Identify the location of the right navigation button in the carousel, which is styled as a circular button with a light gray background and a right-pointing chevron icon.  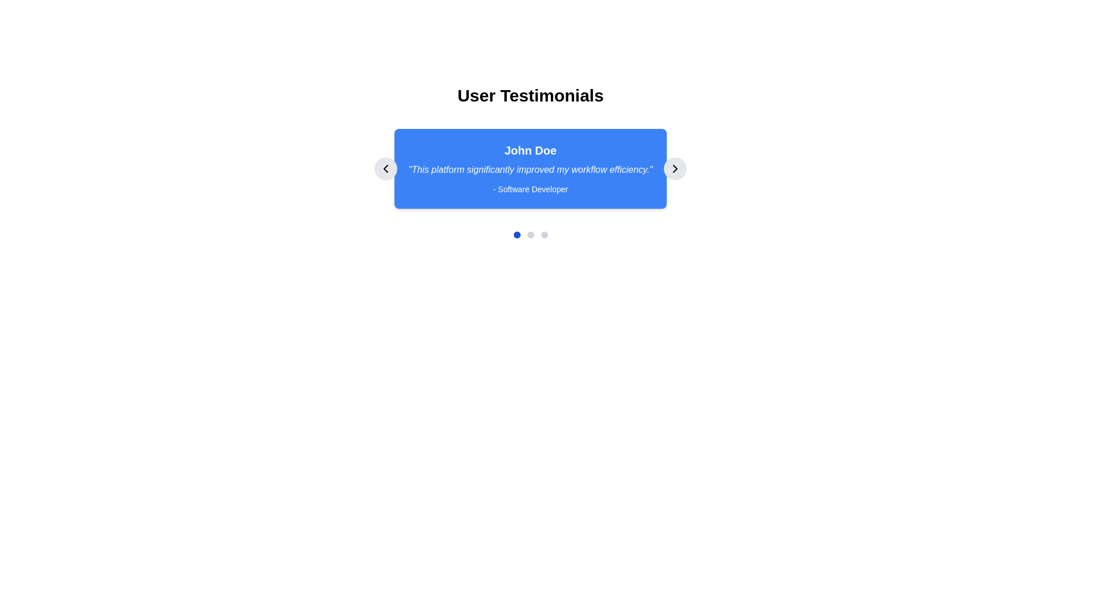
(675, 169).